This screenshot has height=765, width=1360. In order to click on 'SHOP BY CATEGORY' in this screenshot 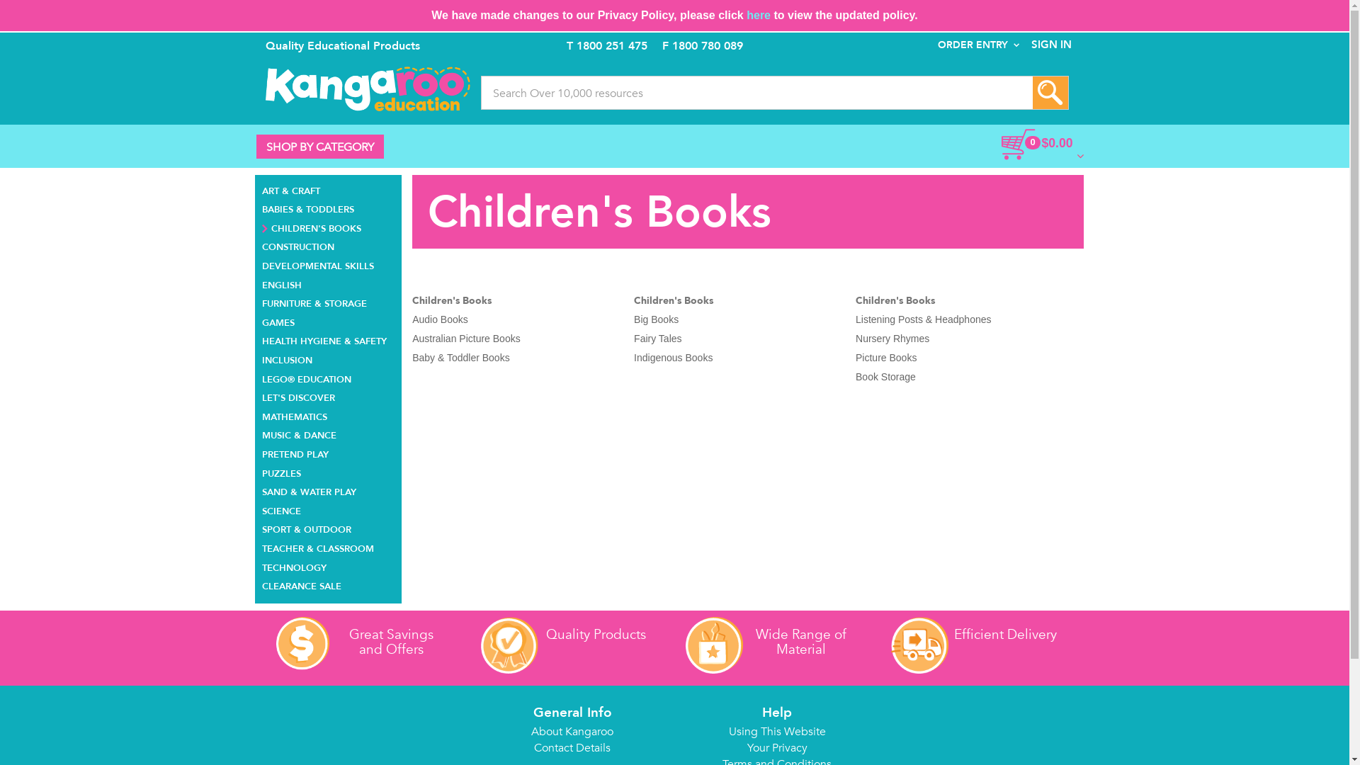, I will do `click(256, 147)`.